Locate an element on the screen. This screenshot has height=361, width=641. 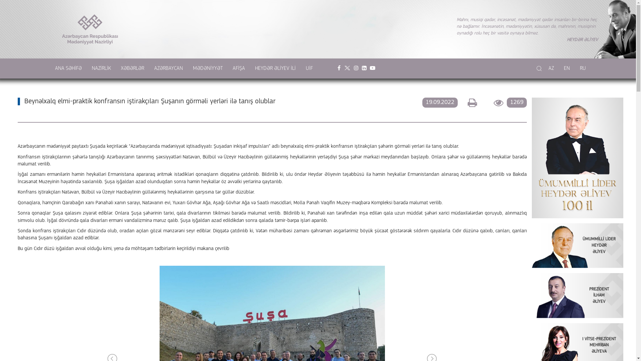
'AZ' is located at coordinates (551, 68).